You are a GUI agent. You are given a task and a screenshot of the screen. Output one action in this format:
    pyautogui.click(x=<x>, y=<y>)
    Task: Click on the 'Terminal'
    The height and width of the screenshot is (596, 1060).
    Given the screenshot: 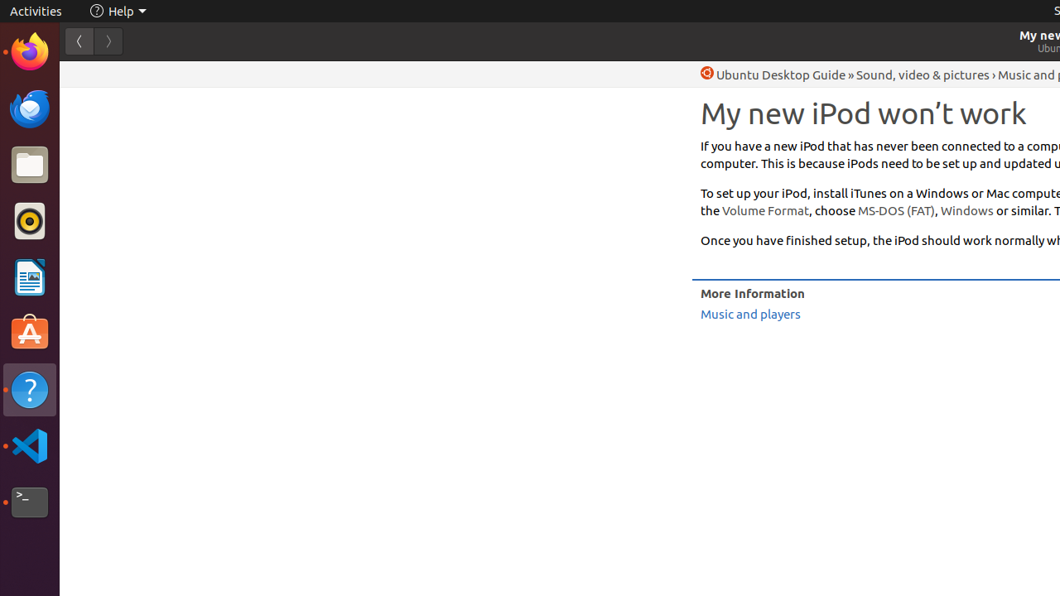 What is the action you would take?
    pyautogui.click(x=29, y=502)
    